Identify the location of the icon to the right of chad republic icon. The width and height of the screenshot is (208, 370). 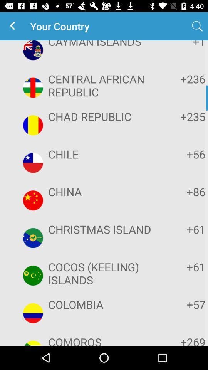
(181, 116).